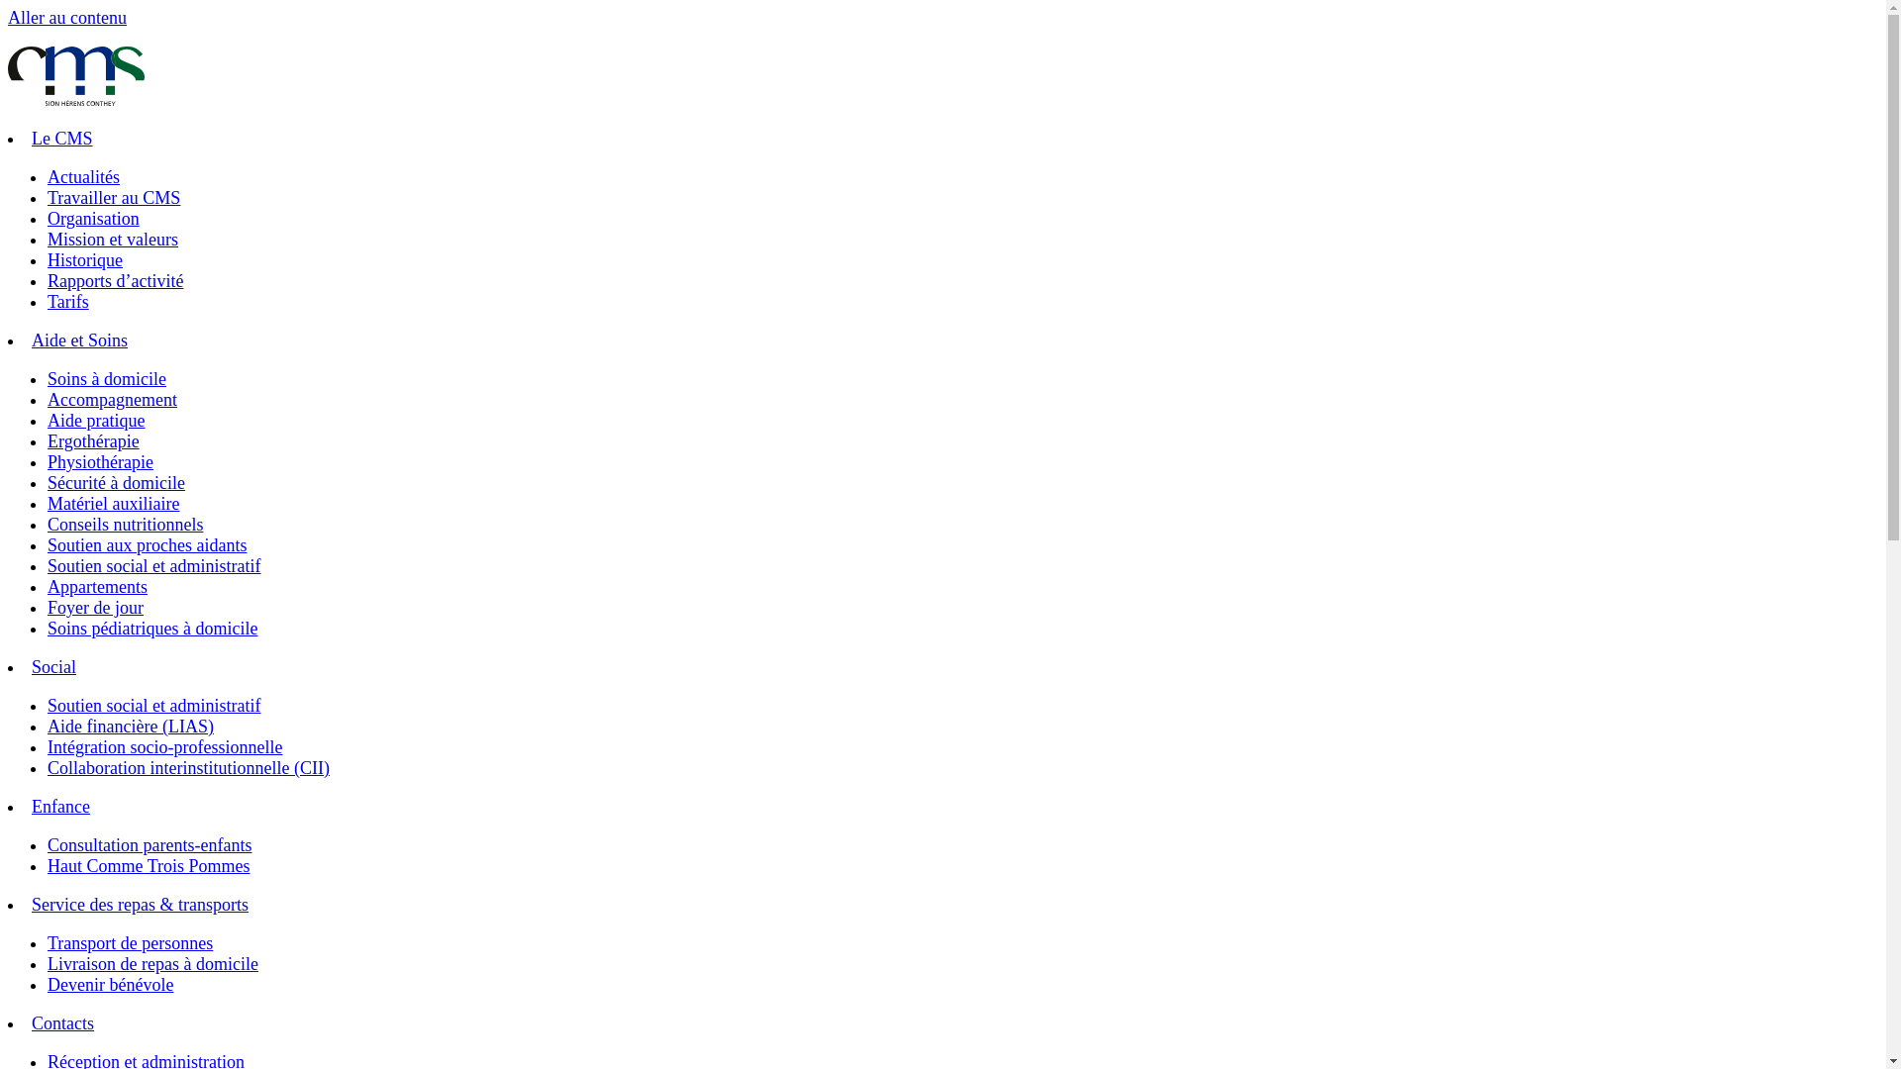 This screenshot has width=1901, height=1069. Describe the element at coordinates (32, 667) in the screenshot. I see `'Social'` at that location.